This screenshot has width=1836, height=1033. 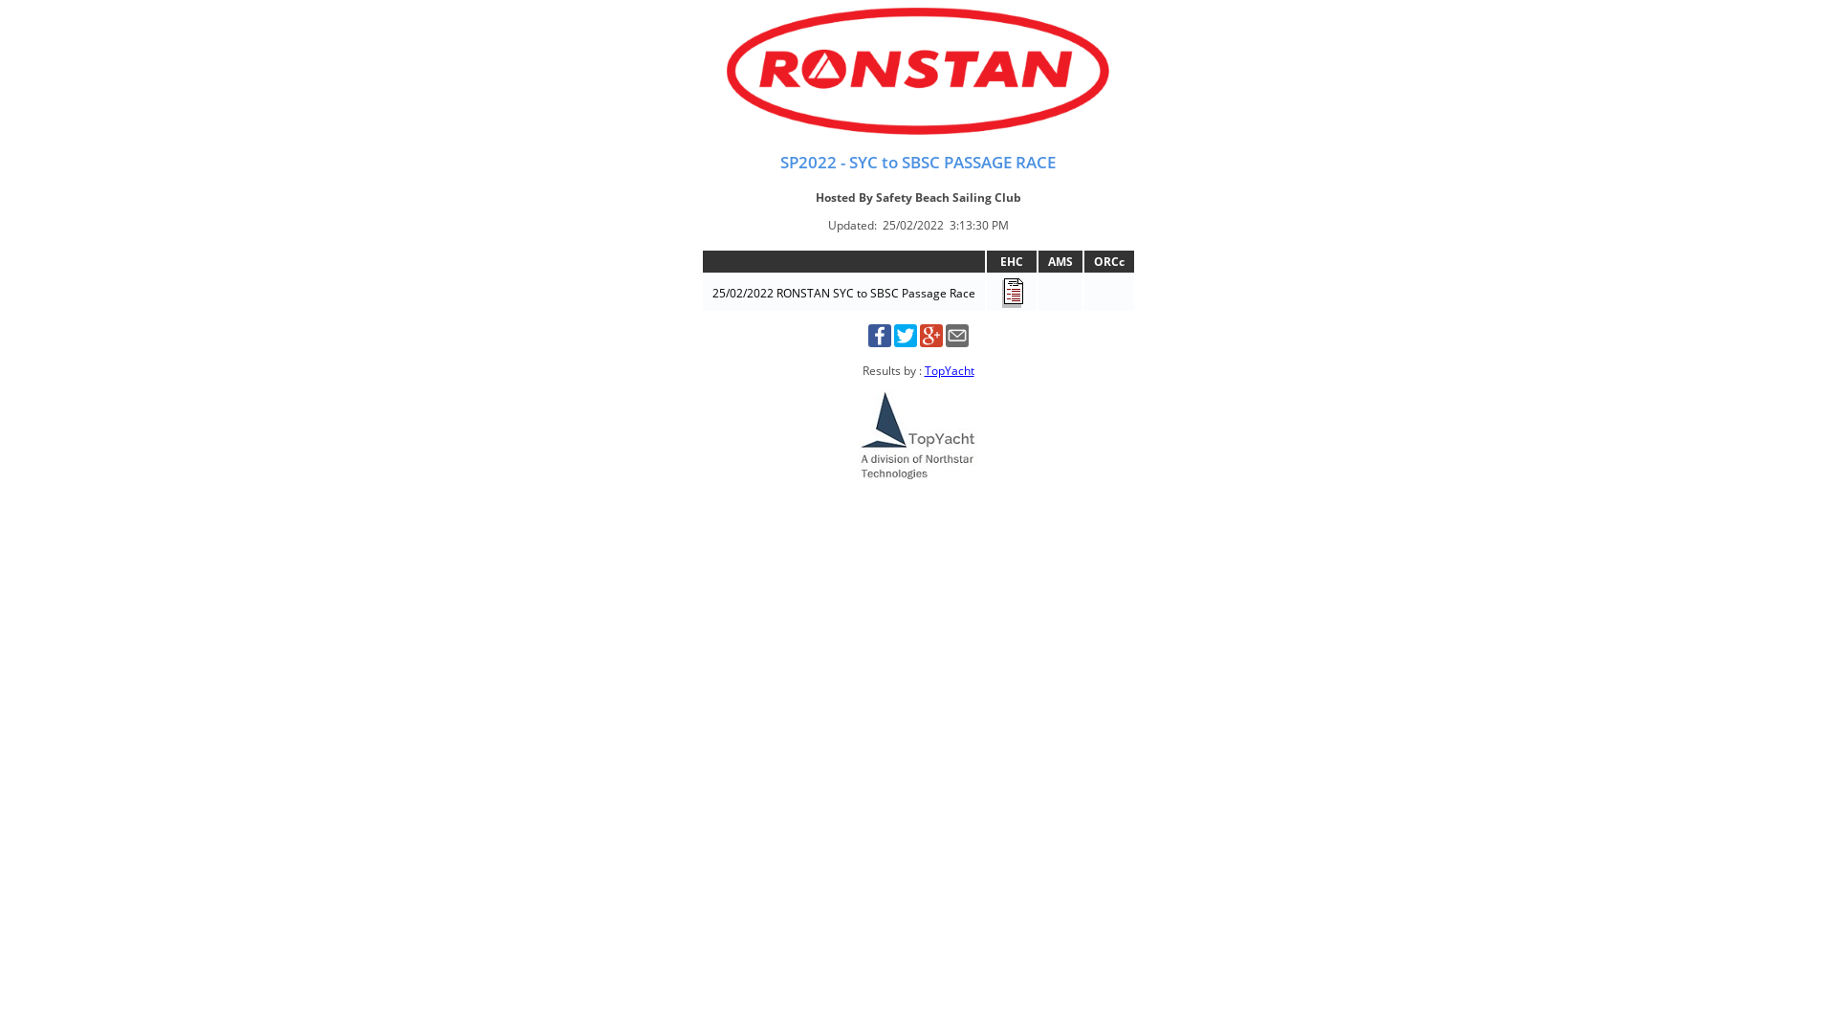 I want to click on 'TopYacht', so click(x=949, y=370).